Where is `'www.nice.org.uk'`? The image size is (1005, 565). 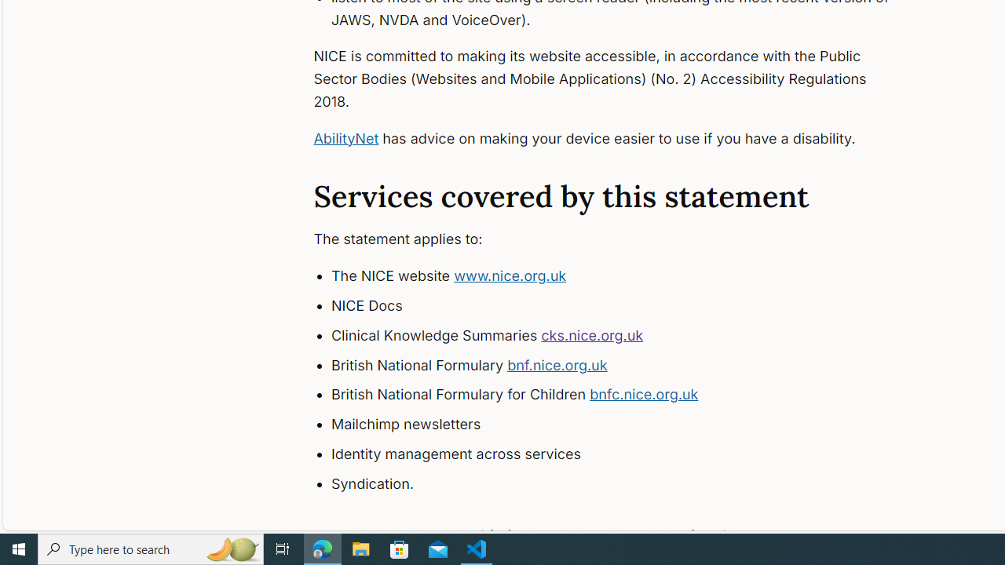 'www.nice.org.uk' is located at coordinates (510, 275).